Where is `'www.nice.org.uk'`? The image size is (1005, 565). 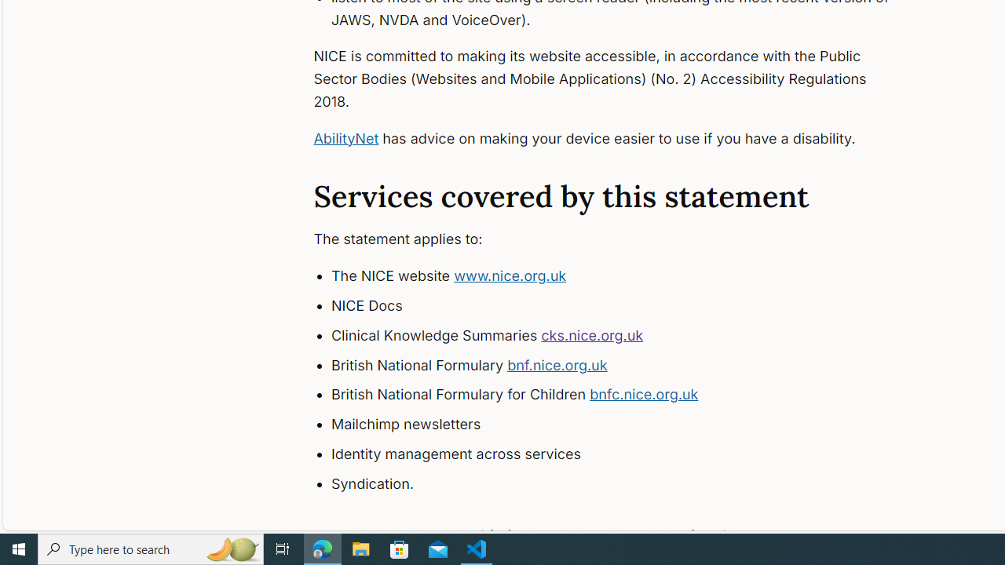 'www.nice.org.uk' is located at coordinates (510, 275).